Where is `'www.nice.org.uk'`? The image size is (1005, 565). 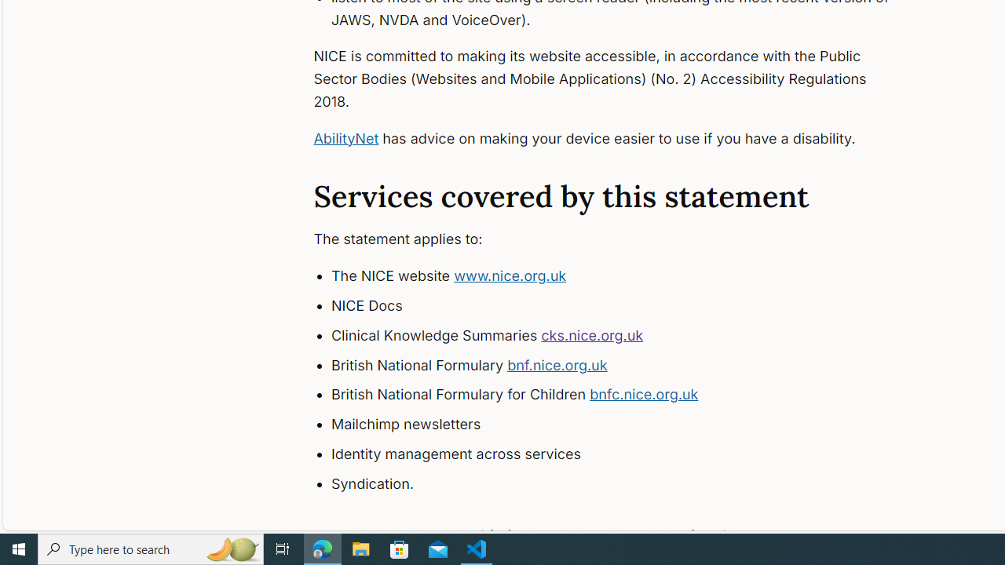 'www.nice.org.uk' is located at coordinates (510, 275).